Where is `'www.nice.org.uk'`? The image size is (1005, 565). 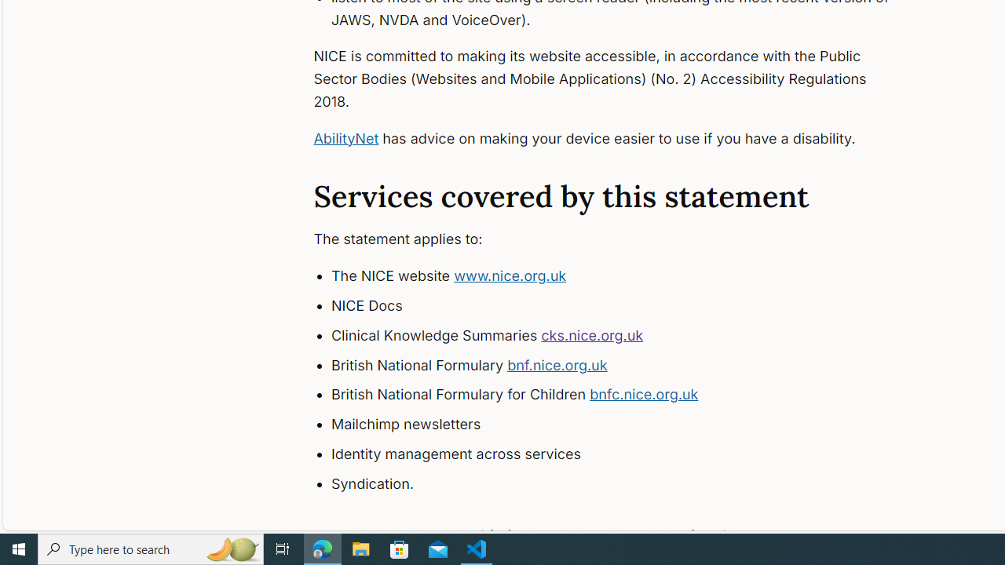 'www.nice.org.uk' is located at coordinates (510, 275).